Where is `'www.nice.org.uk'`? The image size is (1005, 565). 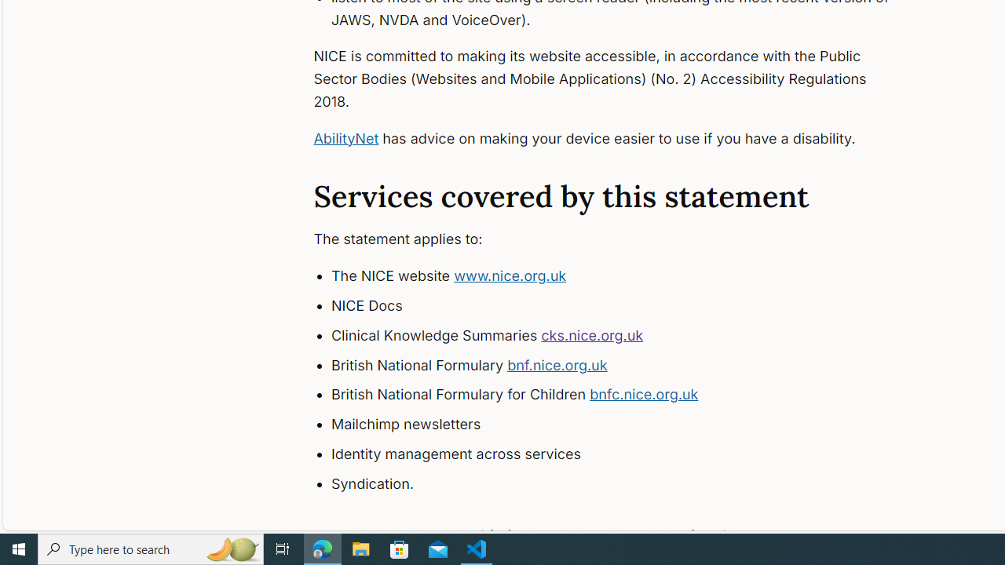 'www.nice.org.uk' is located at coordinates (510, 275).